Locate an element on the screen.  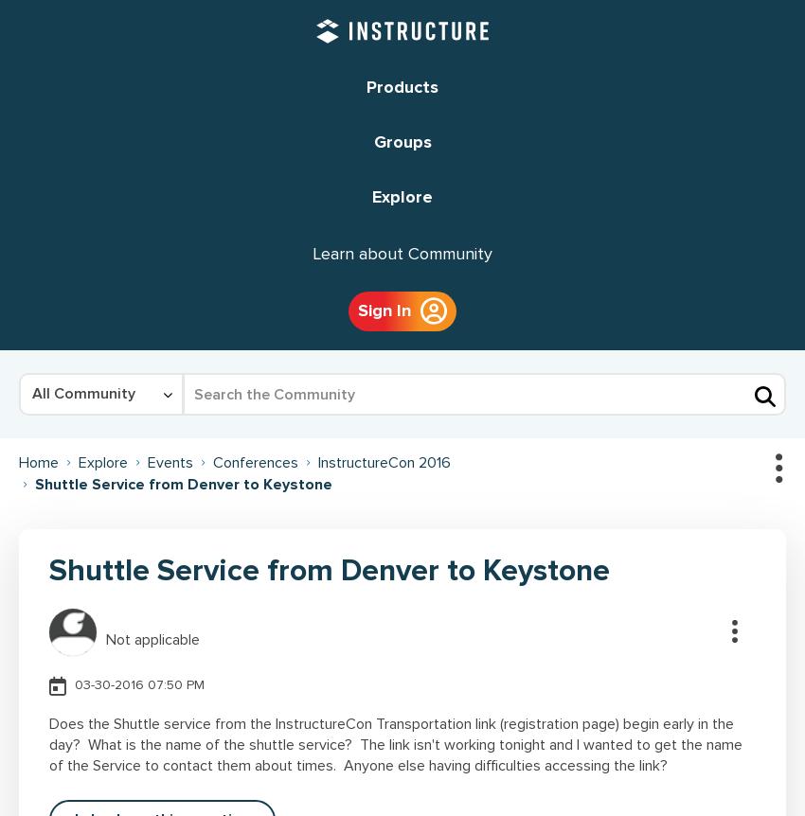
'Sign In' is located at coordinates (384, 311).